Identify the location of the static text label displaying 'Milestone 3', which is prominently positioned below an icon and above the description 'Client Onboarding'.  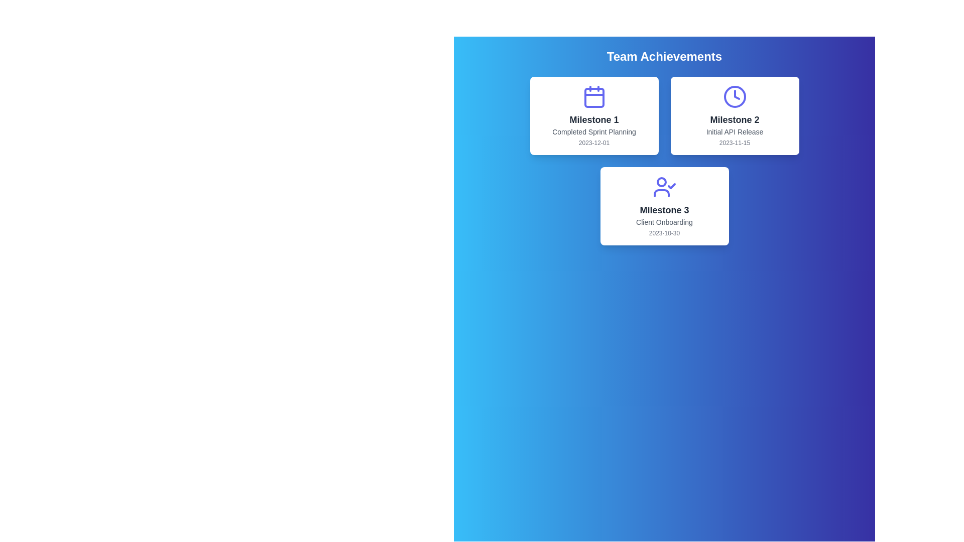
(664, 210).